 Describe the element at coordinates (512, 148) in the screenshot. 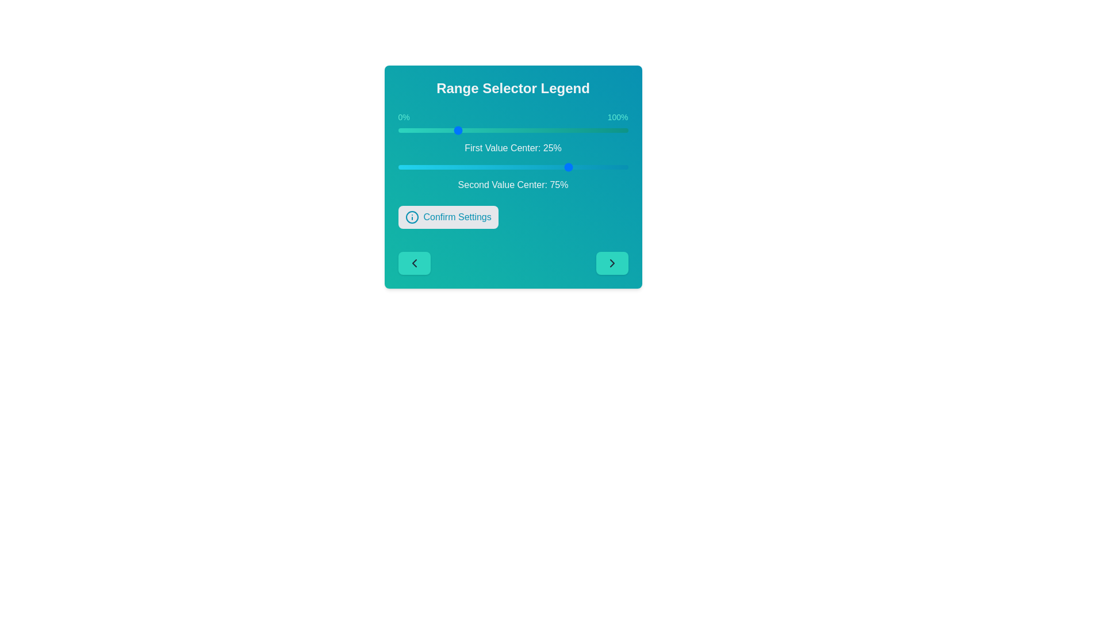

I see `the static text label displaying 'First Value Center: 25%' which is centered within a teal background` at that location.